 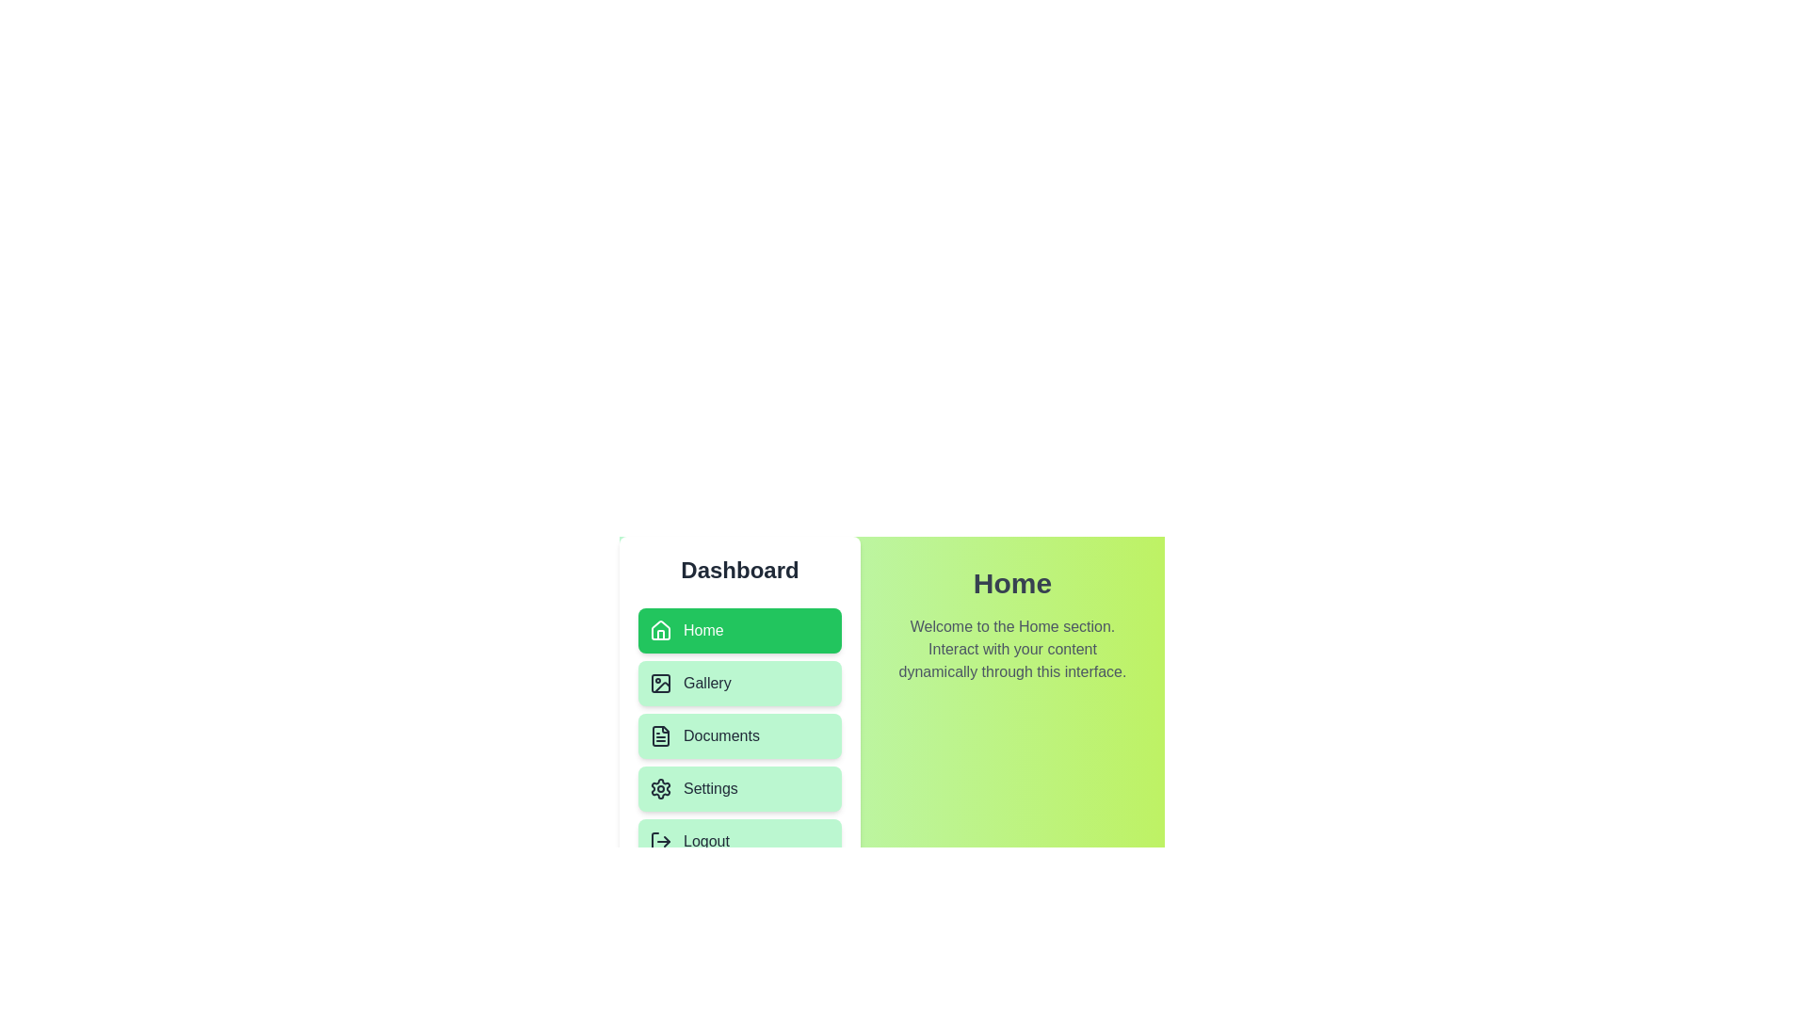 What do you see at coordinates (739, 788) in the screenshot?
I see `the menu item corresponding to Settings` at bounding box center [739, 788].